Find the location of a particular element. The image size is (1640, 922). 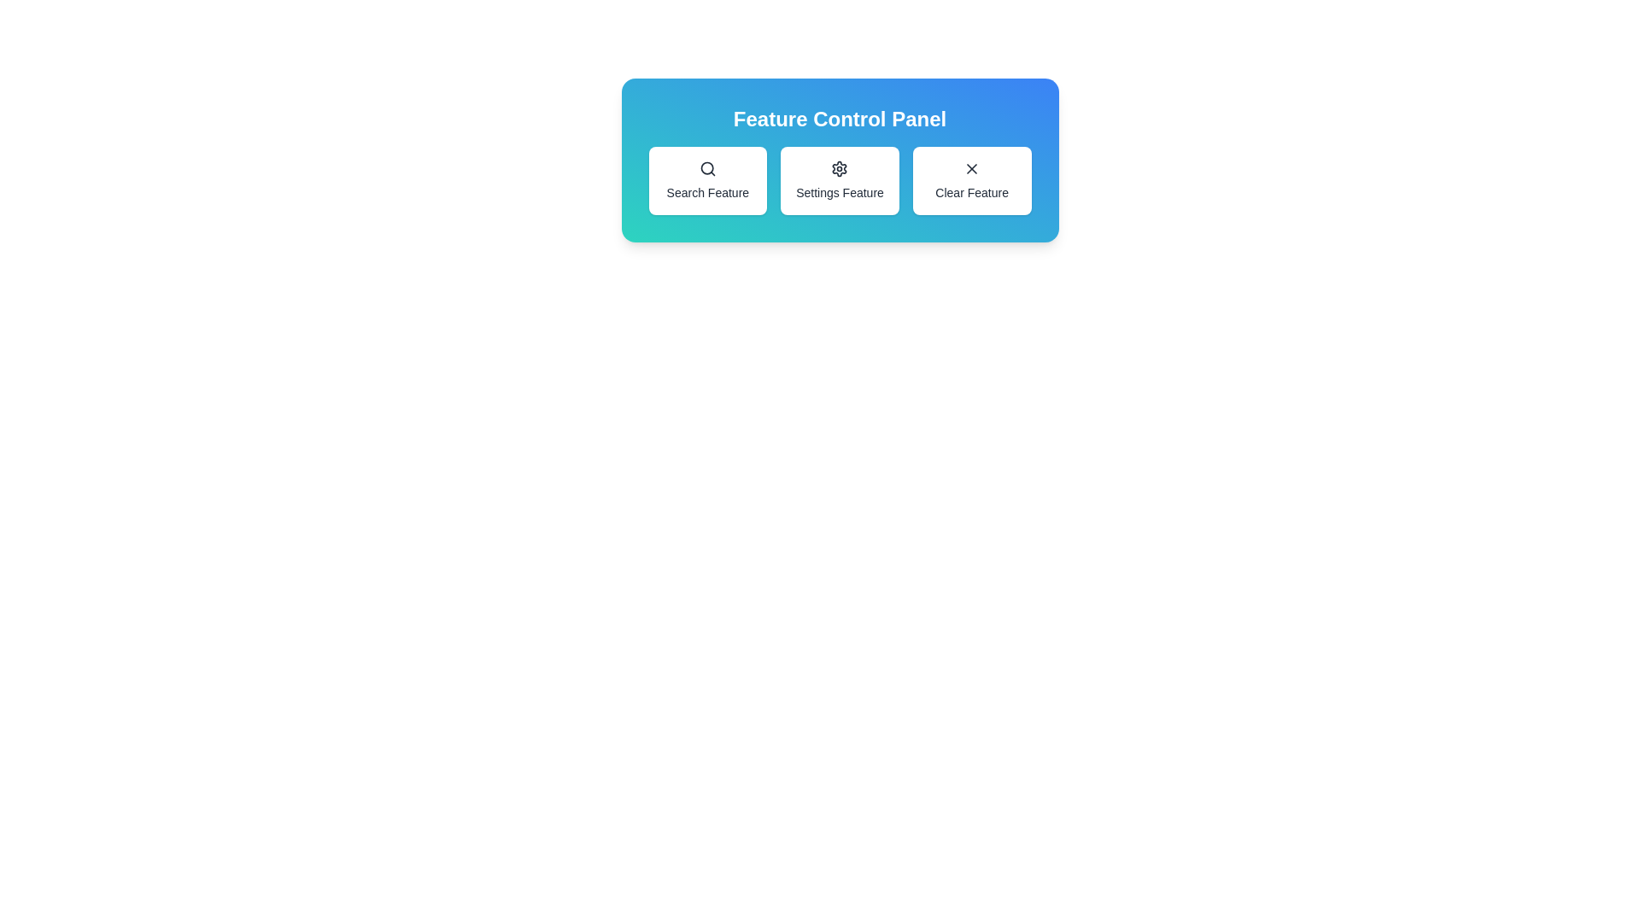

the 'Clear' action icon located in the third rectangular box labeled 'Clear Feature' in the 'Feature Control Panel' is located at coordinates (972, 168).